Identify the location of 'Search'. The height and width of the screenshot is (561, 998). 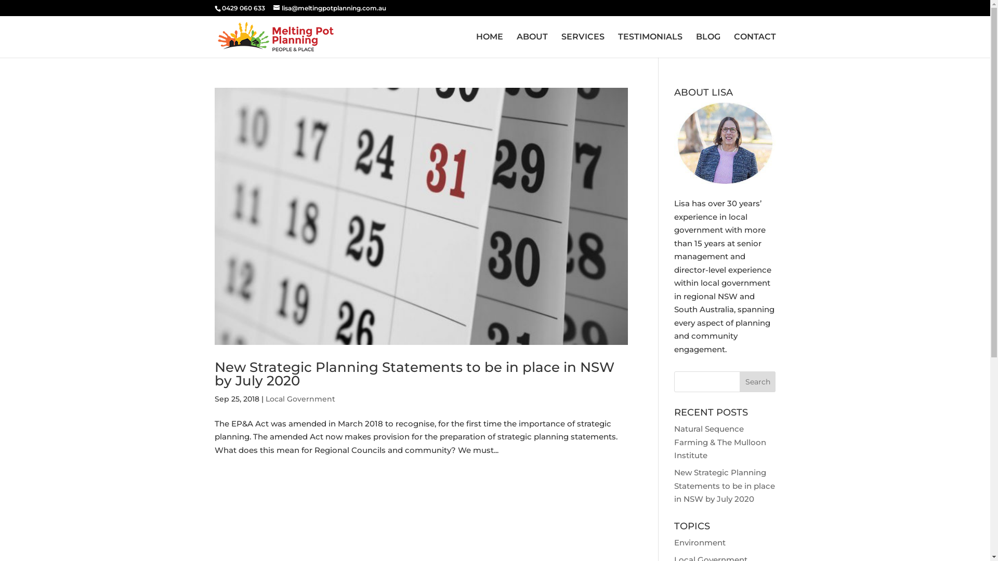
(758, 382).